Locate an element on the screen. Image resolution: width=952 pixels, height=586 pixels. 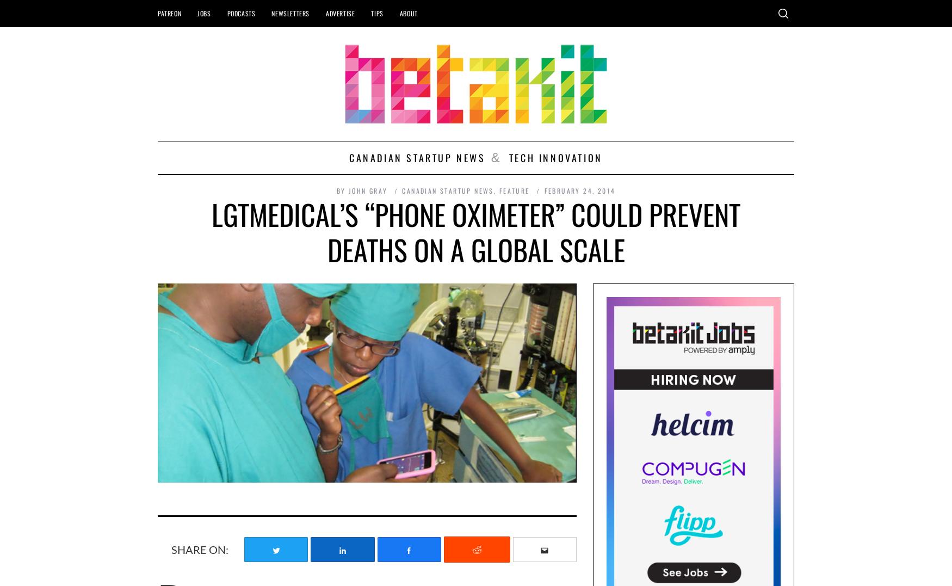
'John Gray' is located at coordinates (347, 190).